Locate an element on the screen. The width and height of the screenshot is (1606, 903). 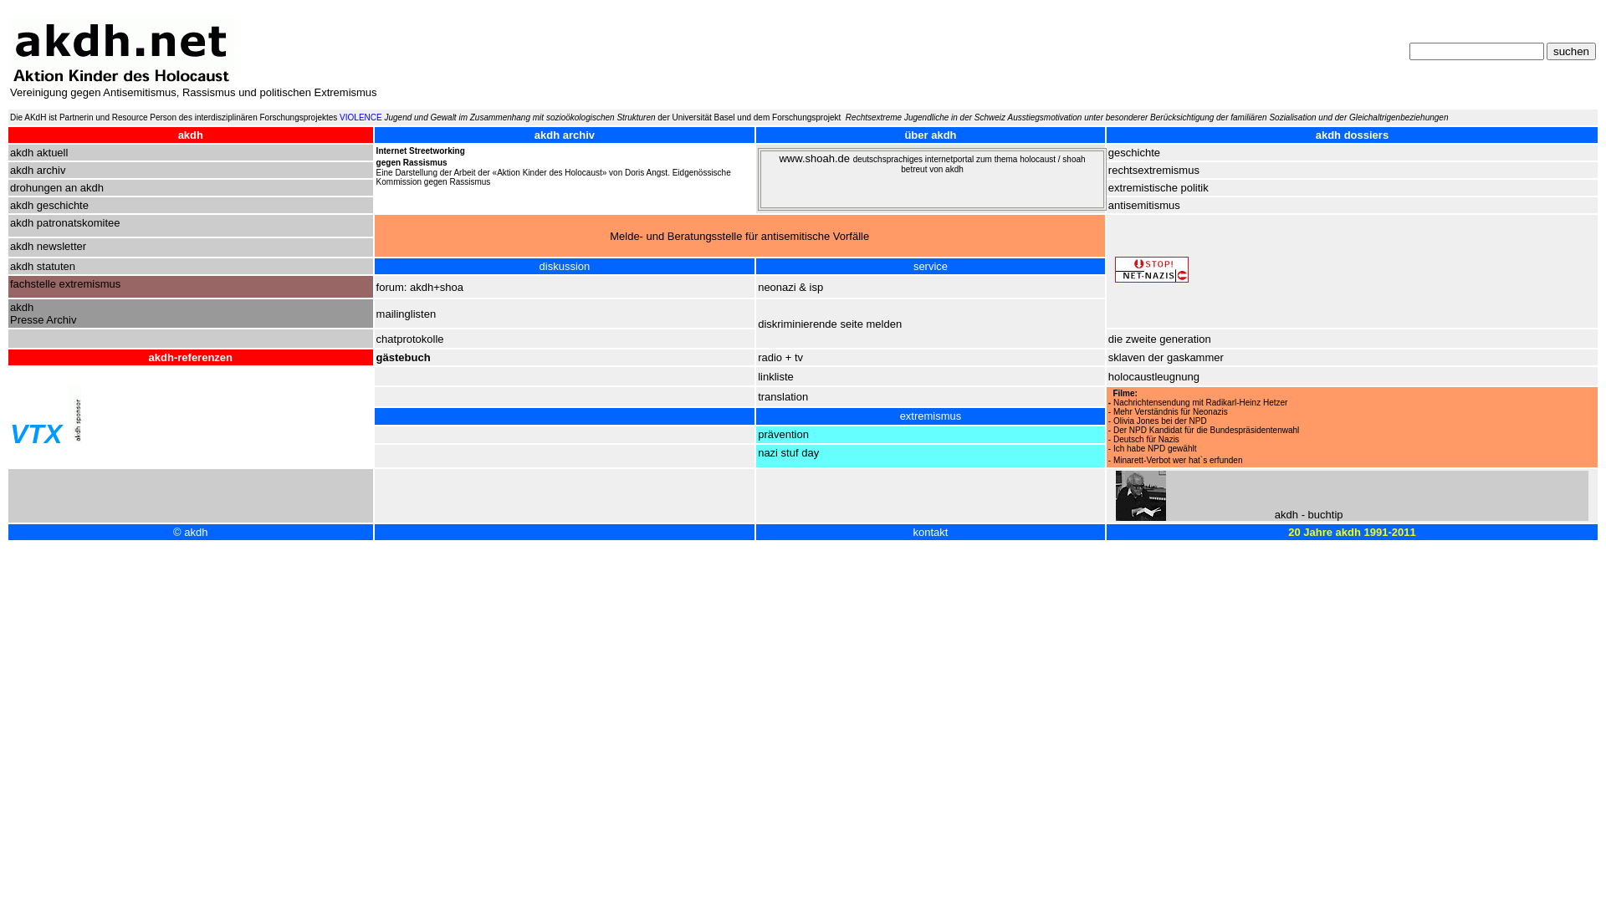
'akdh statuten' is located at coordinates (43, 265).